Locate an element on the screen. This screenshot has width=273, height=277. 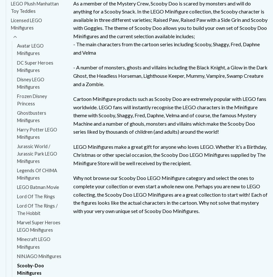
'NINJAGO Minifigures' is located at coordinates (39, 255).